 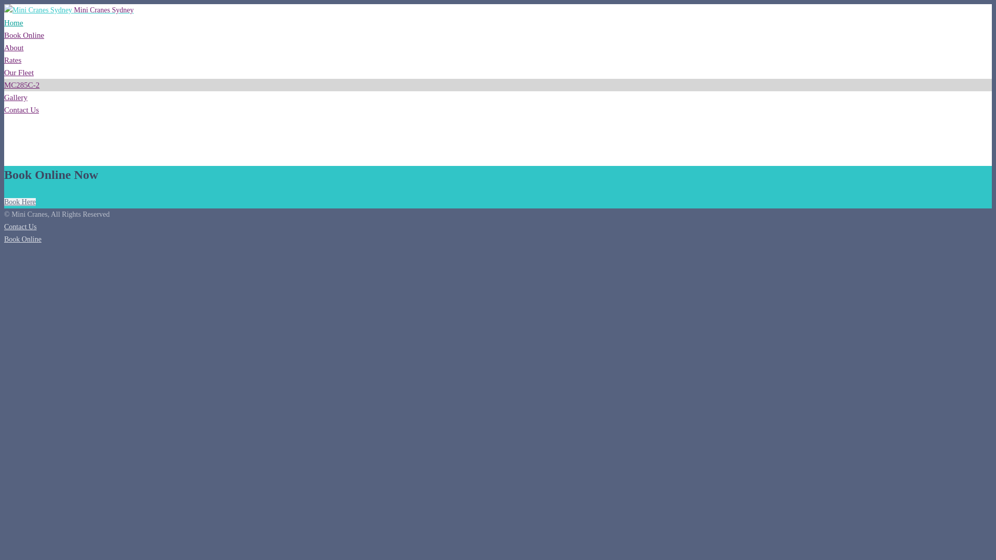 What do you see at coordinates (20, 202) in the screenshot?
I see `'Book Here'` at bounding box center [20, 202].